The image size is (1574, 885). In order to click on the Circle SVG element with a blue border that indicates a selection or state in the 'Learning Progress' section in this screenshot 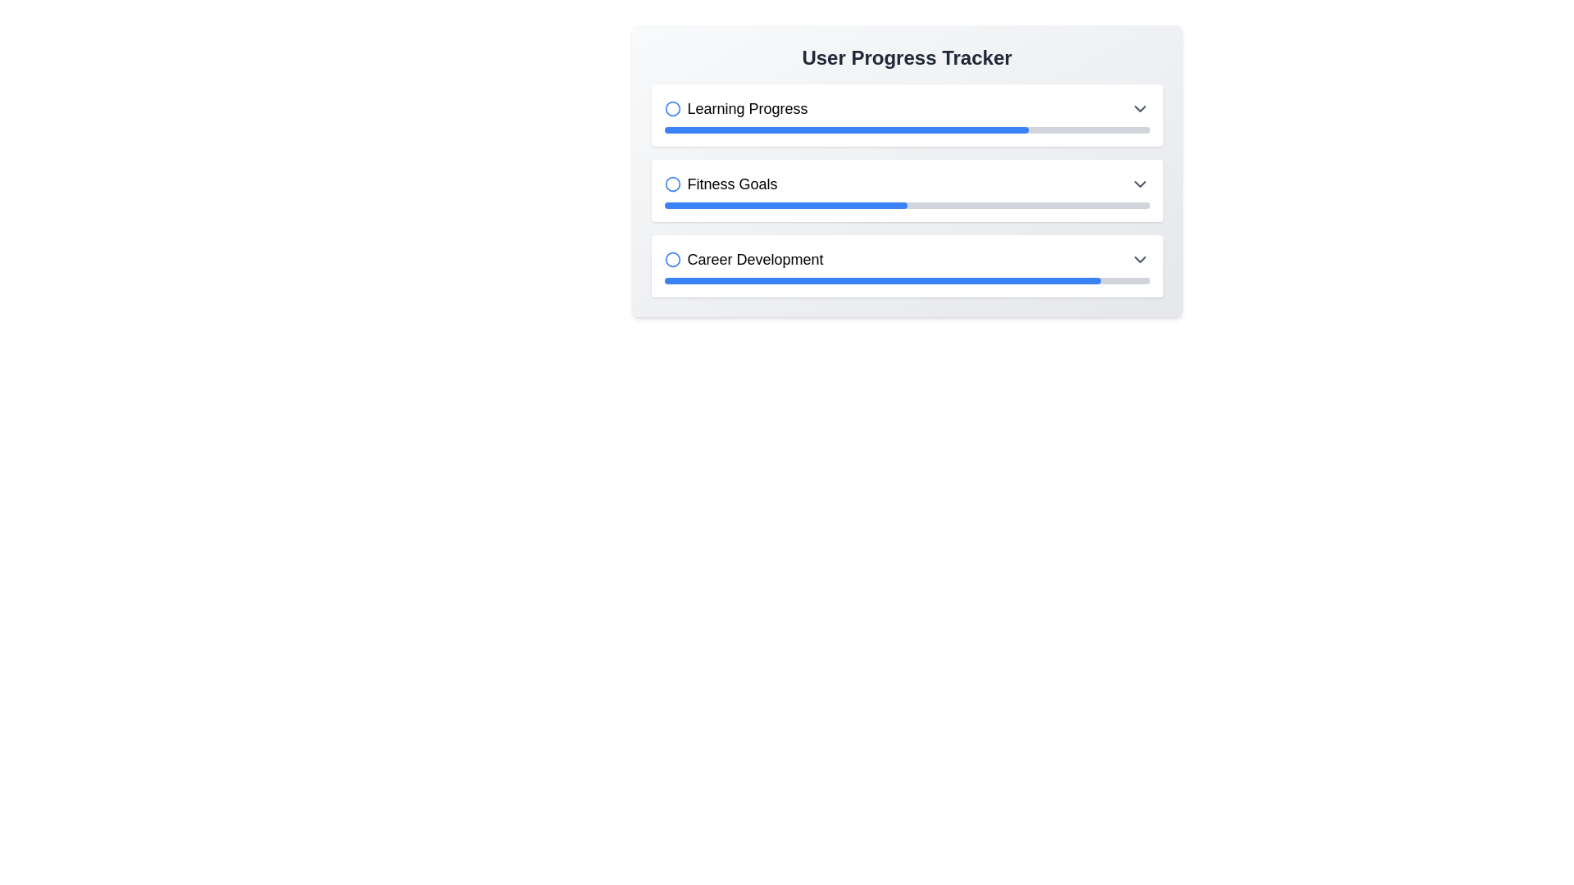, I will do `click(672, 108)`.